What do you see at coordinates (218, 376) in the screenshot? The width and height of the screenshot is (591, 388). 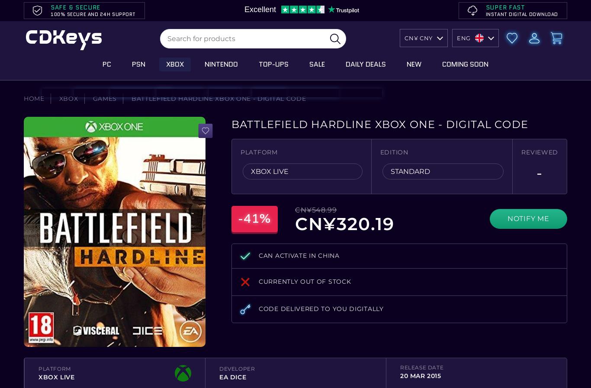 I see `'EA DICE'` at bounding box center [218, 376].